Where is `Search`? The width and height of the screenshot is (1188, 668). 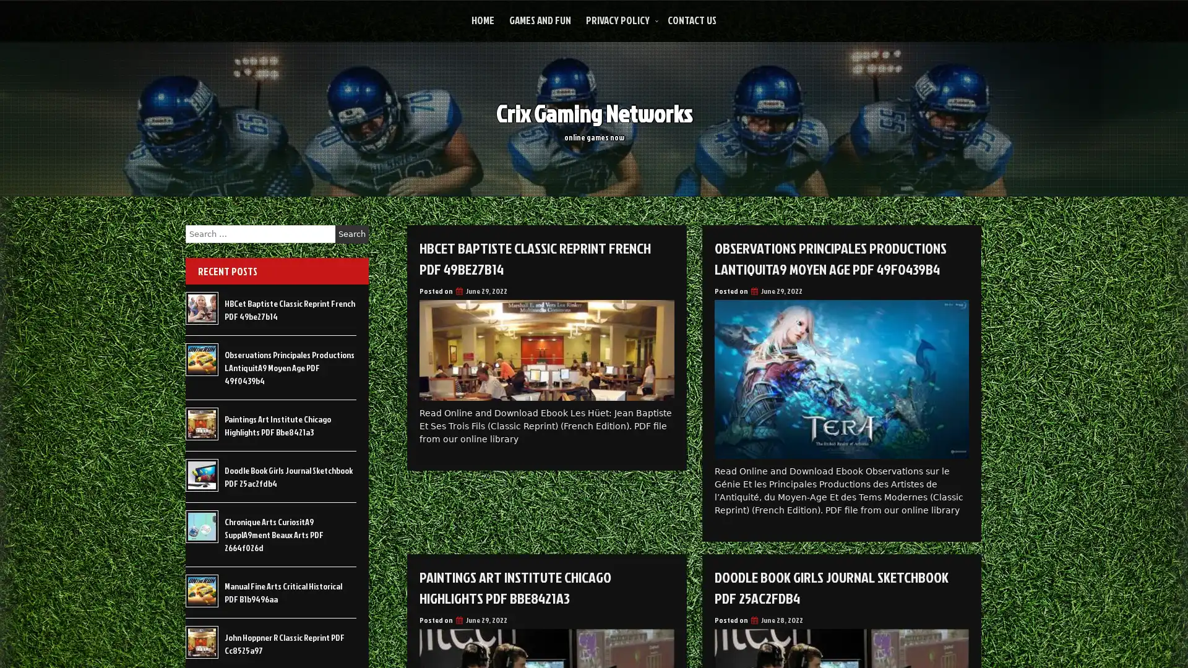 Search is located at coordinates (351, 234).